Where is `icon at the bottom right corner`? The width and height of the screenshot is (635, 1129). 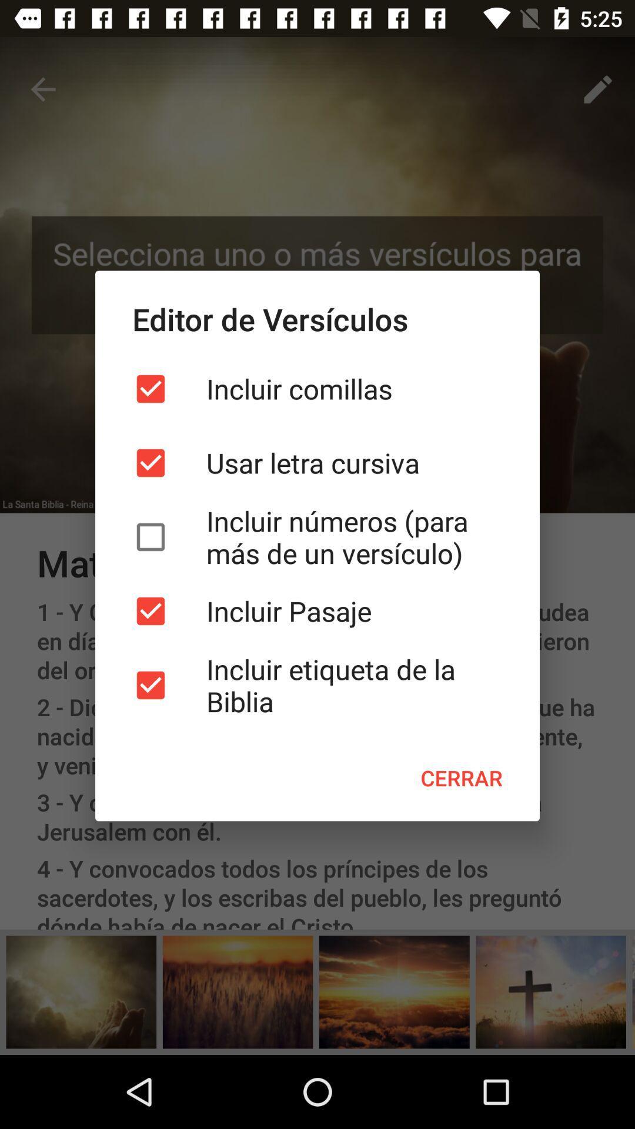
icon at the bottom right corner is located at coordinates (461, 778).